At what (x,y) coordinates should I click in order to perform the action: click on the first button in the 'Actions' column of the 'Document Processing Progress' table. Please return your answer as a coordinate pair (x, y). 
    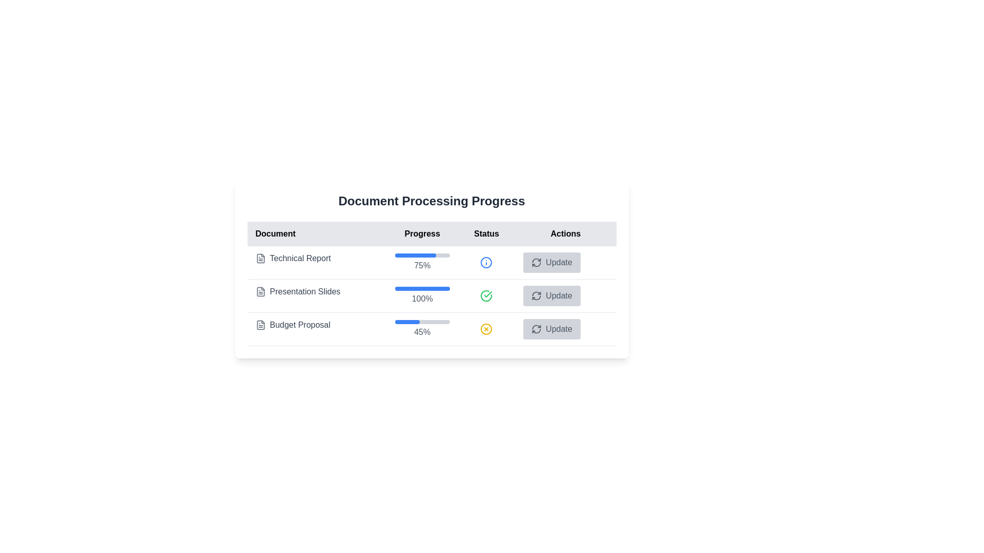
    Looking at the image, I should click on (551, 262).